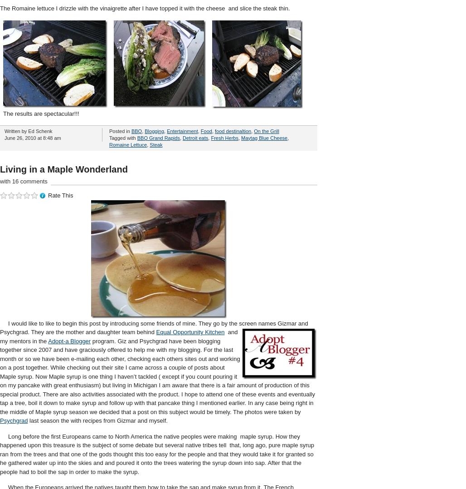 The width and height of the screenshot is (466, 489). What do you see at coordinates (214, 130) in the screenshot?
I see `'food destinaltion'` at bounding box center [214, 130].